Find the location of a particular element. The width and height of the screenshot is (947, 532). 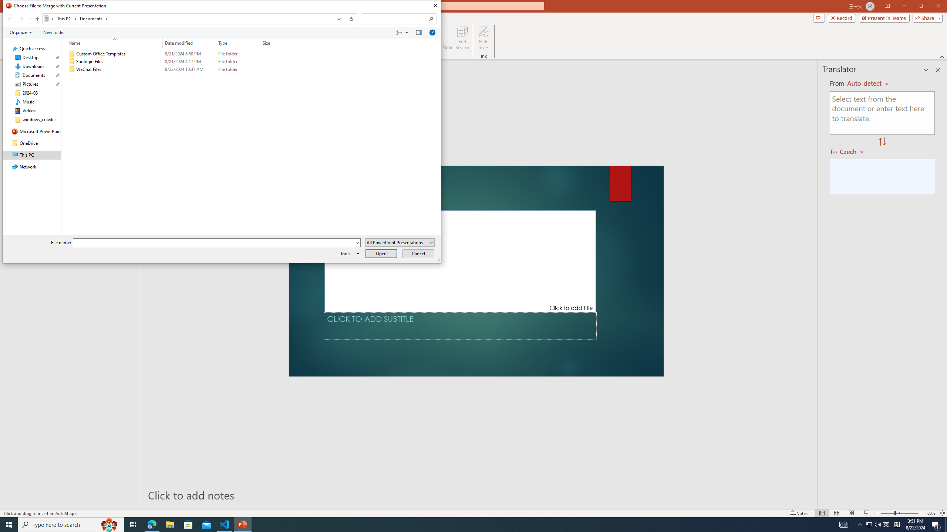

'Size' is located at coordinates (274, 42).